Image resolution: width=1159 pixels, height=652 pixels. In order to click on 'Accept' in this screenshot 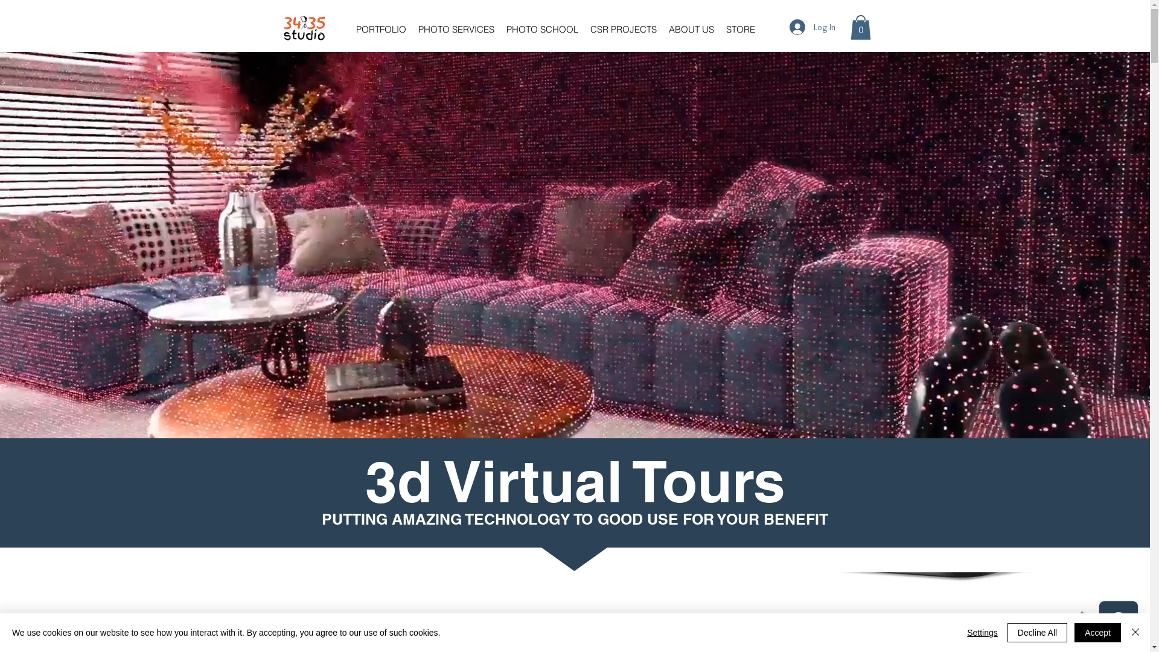, I will do `click(1097, 632)`.